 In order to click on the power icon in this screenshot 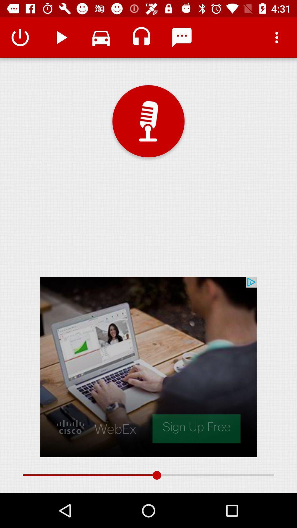, I will do `click(20, 37)`.